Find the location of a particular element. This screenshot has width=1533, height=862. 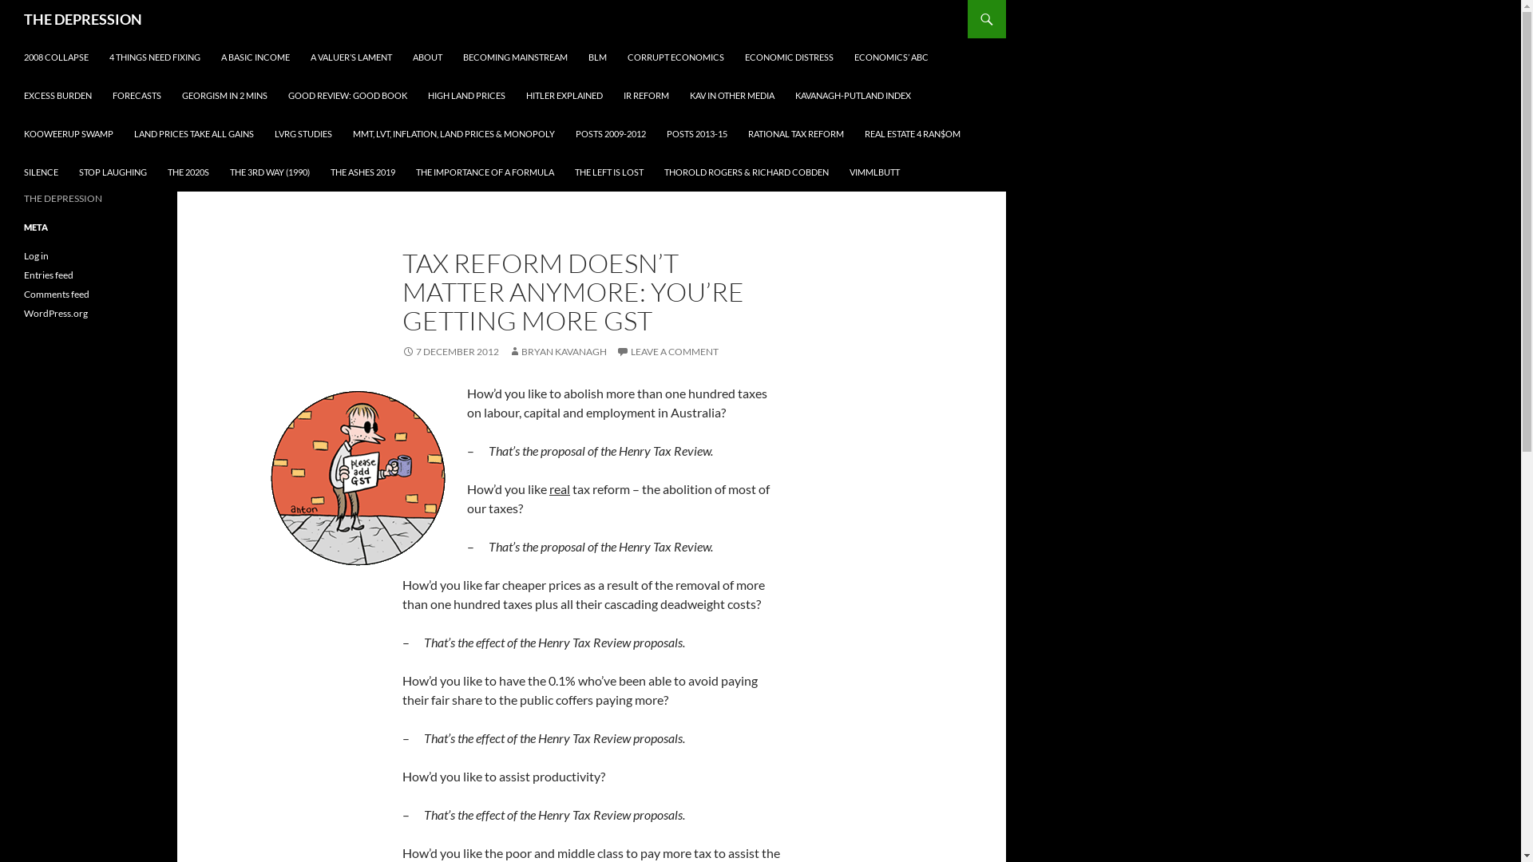

'THE 3RD WAY (1990)' is located at coordinates (219, 172).